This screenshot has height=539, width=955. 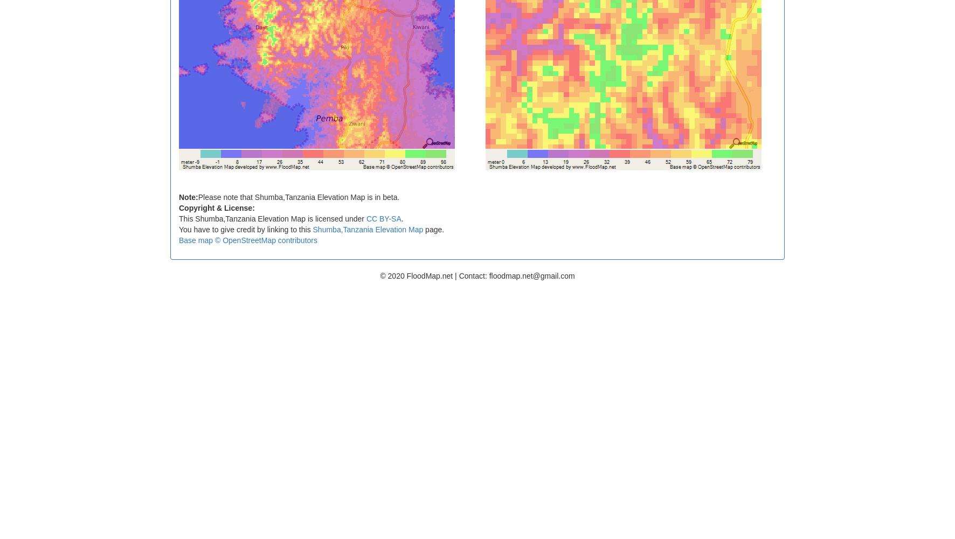 I want to click on 'Shumba,Tanzania Elevation Map', so click(x=367, y=229).